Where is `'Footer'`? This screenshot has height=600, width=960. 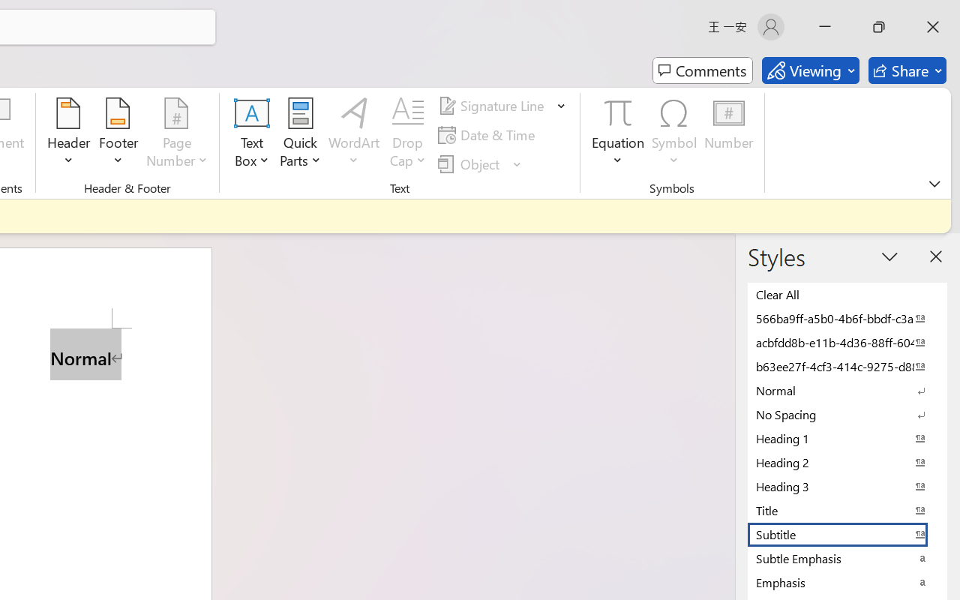 'Footer' is located at coordinates (118, 134).